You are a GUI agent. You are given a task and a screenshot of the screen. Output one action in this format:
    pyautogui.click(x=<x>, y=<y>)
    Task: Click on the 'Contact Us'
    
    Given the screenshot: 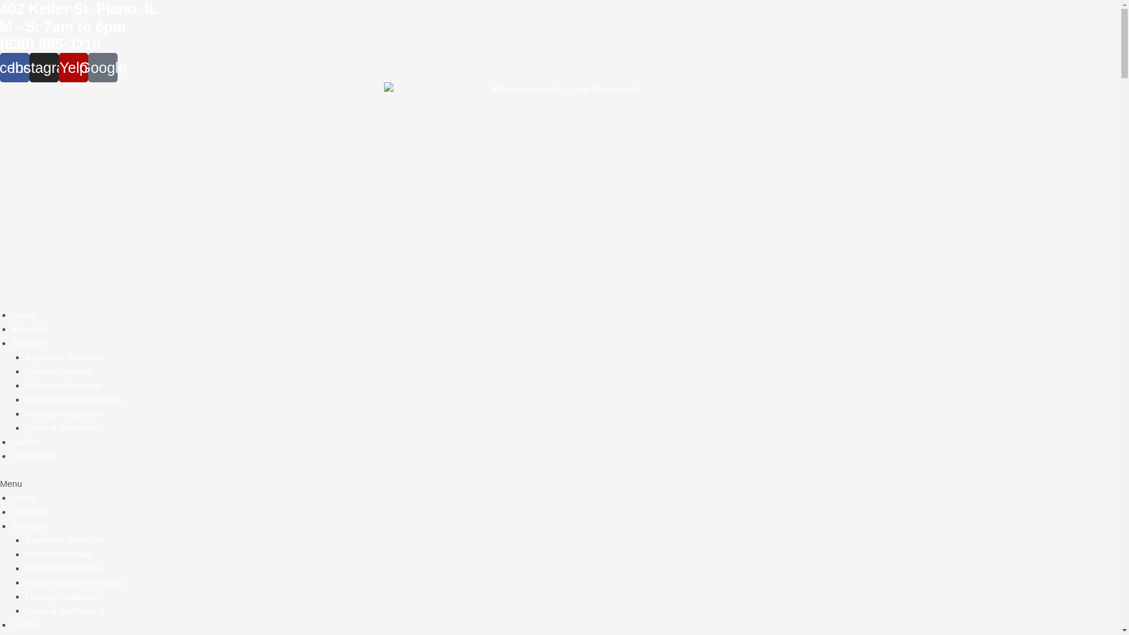 What is the action you would take?
    pyautogui.click(x=34, y=455)
    